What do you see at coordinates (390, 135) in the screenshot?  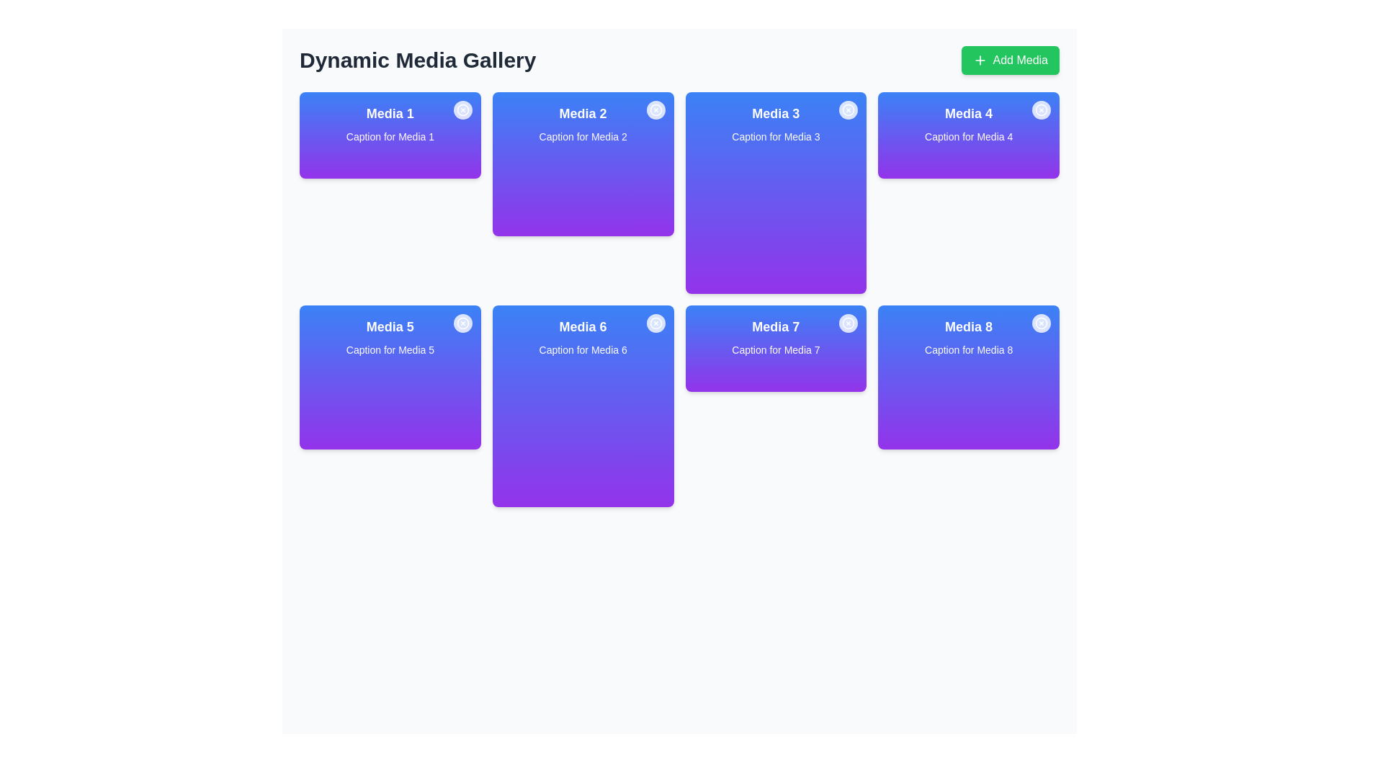 I see `the Display card titled 'Media 1', which is the first item in the grid layout located in the top-left corner` at bounding box center [390, 135].